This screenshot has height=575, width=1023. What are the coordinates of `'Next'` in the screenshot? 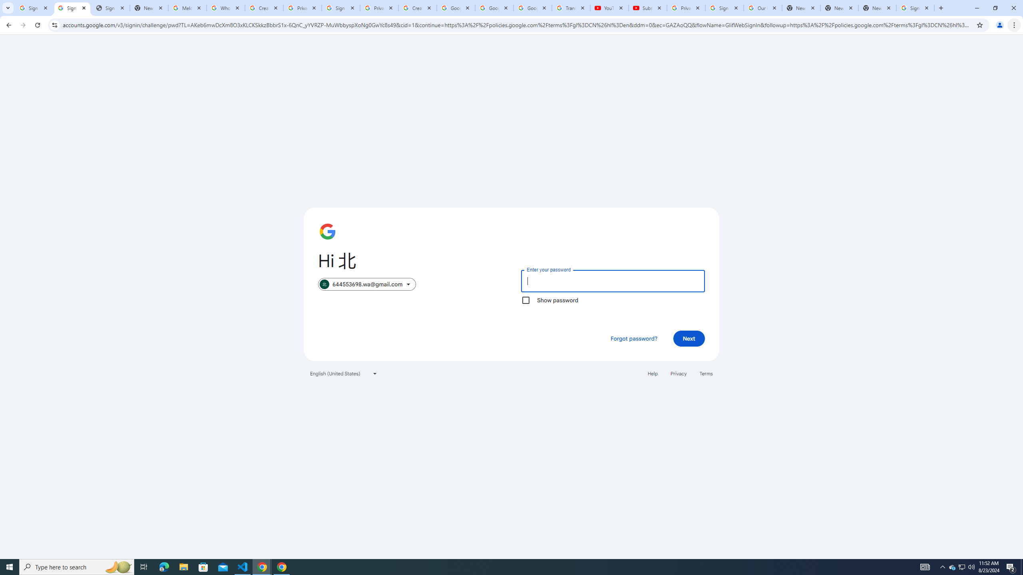 It's located at (689, 338).